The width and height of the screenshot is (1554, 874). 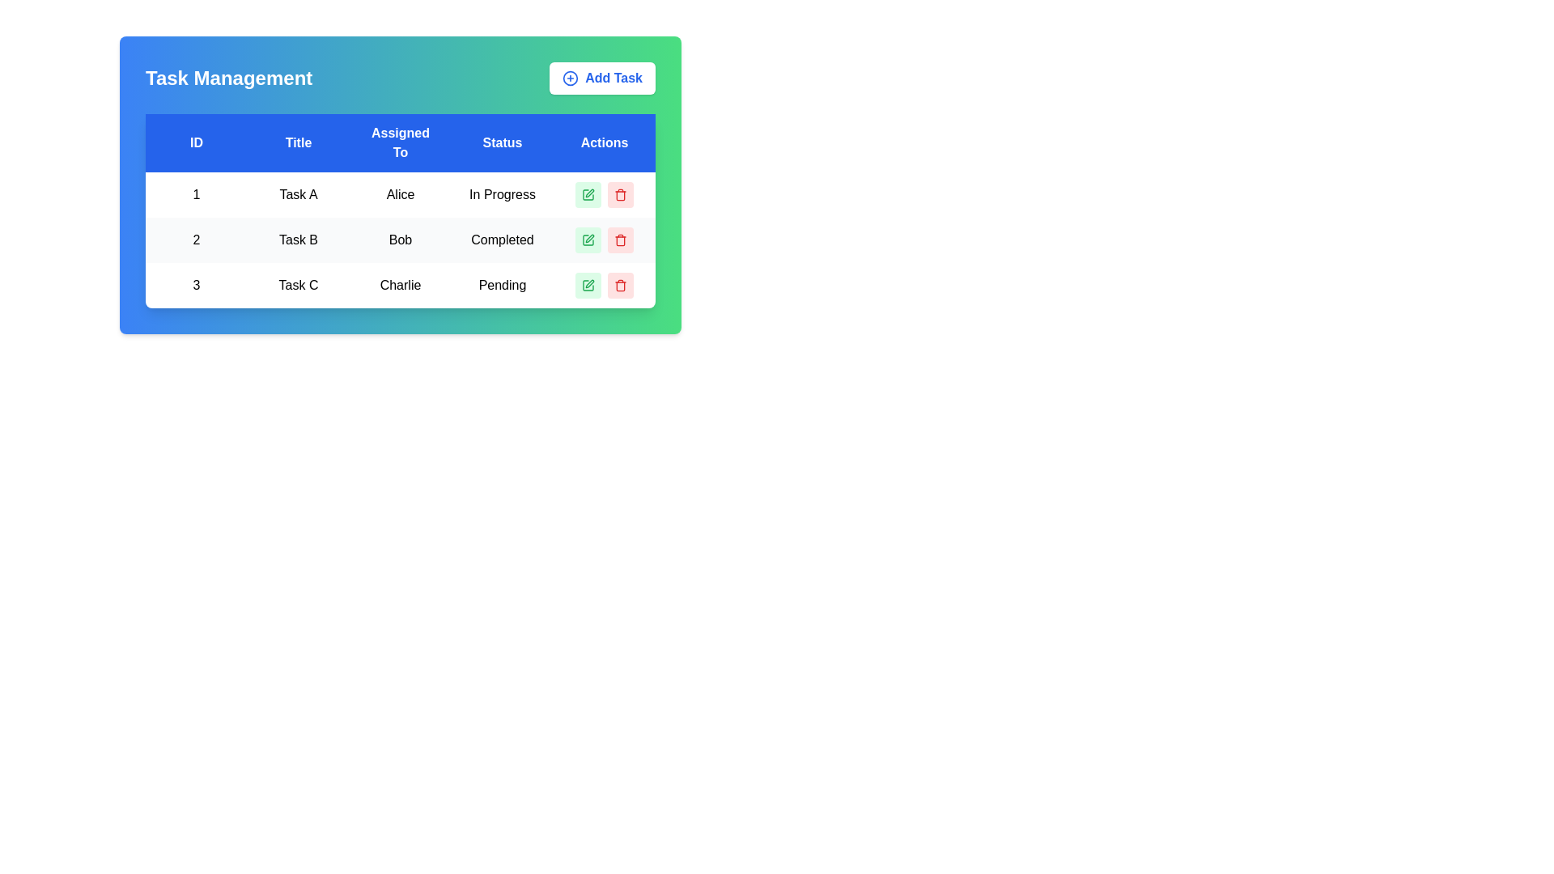 I want to click on the Table Header Row, which identifies the columns for data entries below, specifically aligned with the label 'Assigned To', so click(x=400, y=142).